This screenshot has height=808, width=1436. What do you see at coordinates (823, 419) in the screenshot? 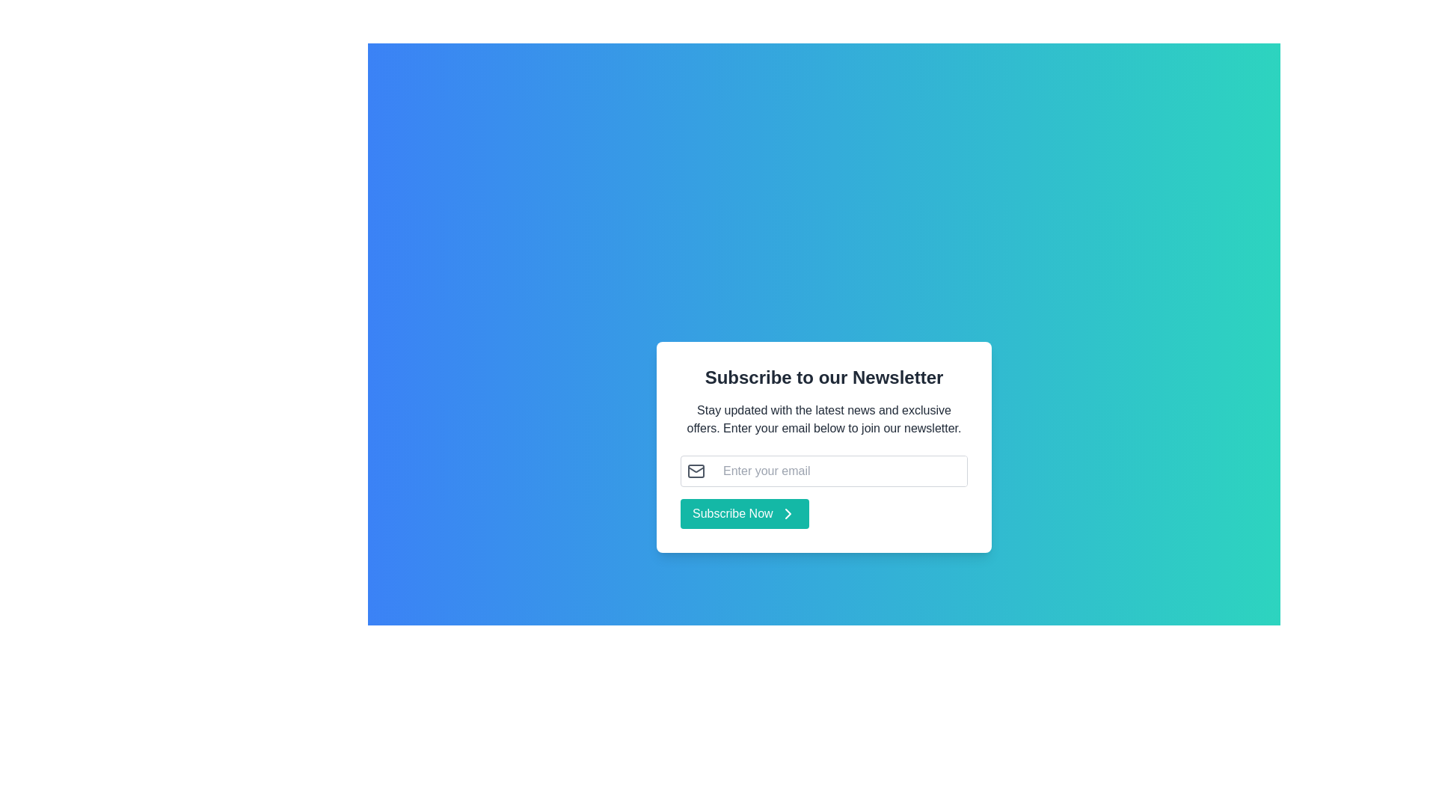
I see `the informational text element located in the subscription box, which provides instructions related to subscribing to the newsletter` at bounding box center [823, 419].